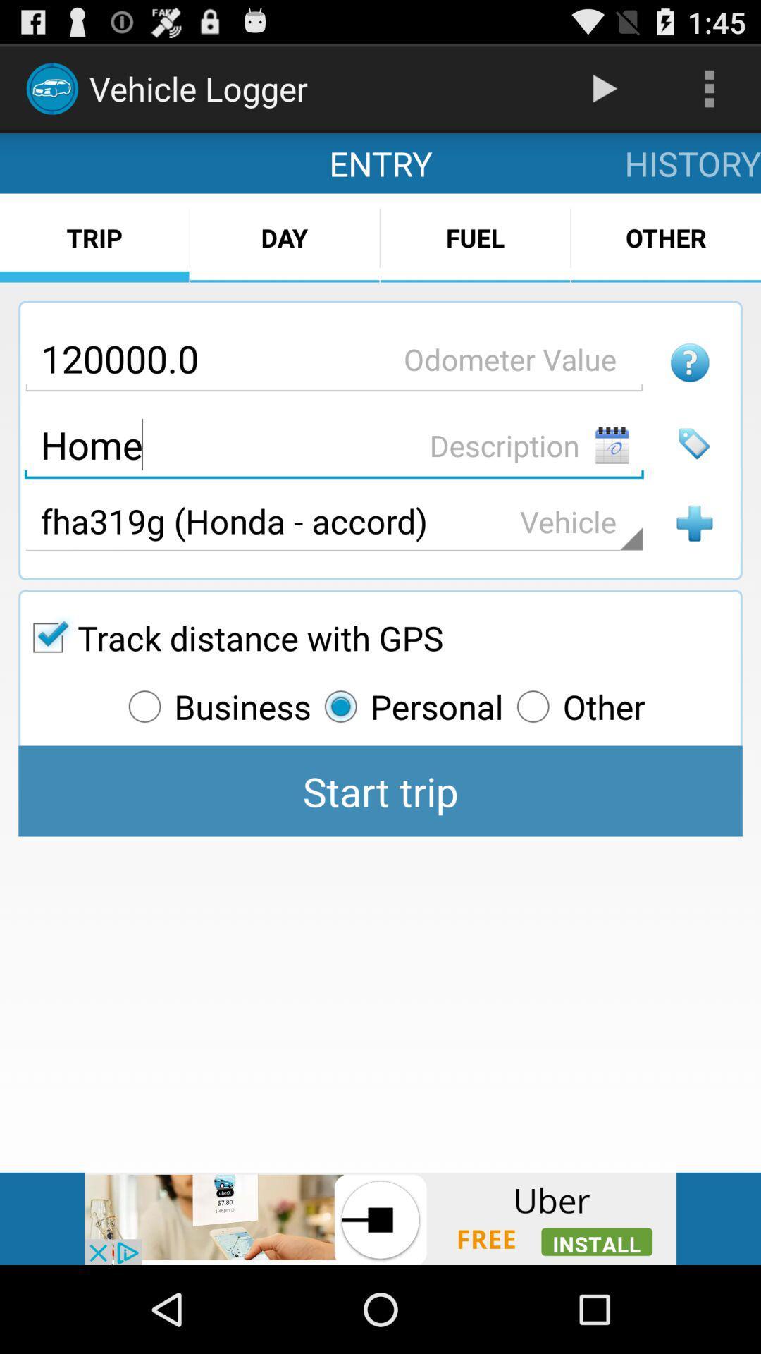  I want to click on the label icon, so click(693, 475).